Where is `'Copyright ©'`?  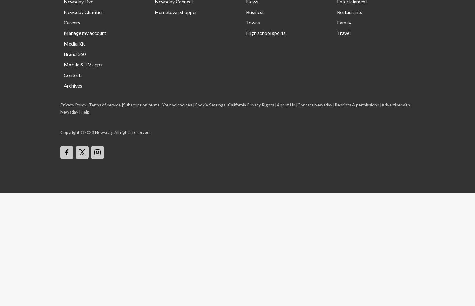
'Copyright ©' is located at coordinates (60, 132).